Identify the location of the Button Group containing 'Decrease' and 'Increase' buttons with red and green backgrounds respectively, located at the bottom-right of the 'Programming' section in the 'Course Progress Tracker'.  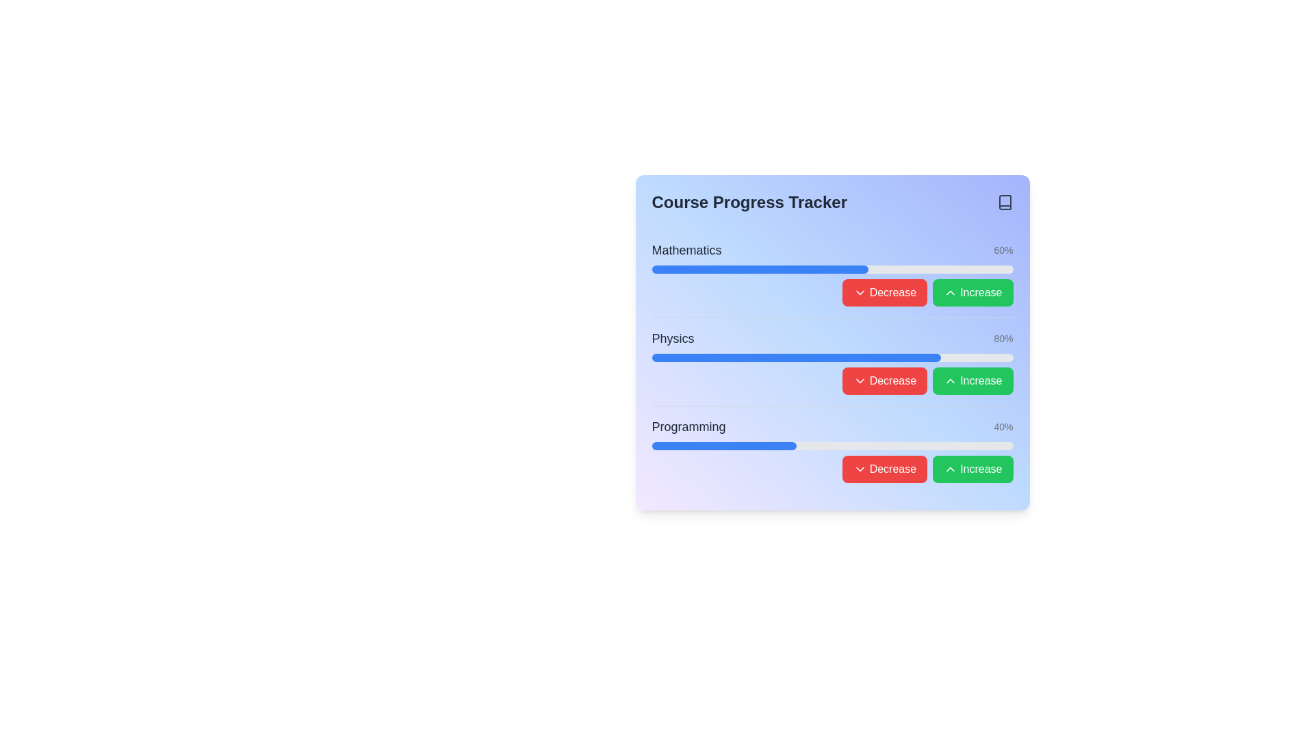
(832, 469).